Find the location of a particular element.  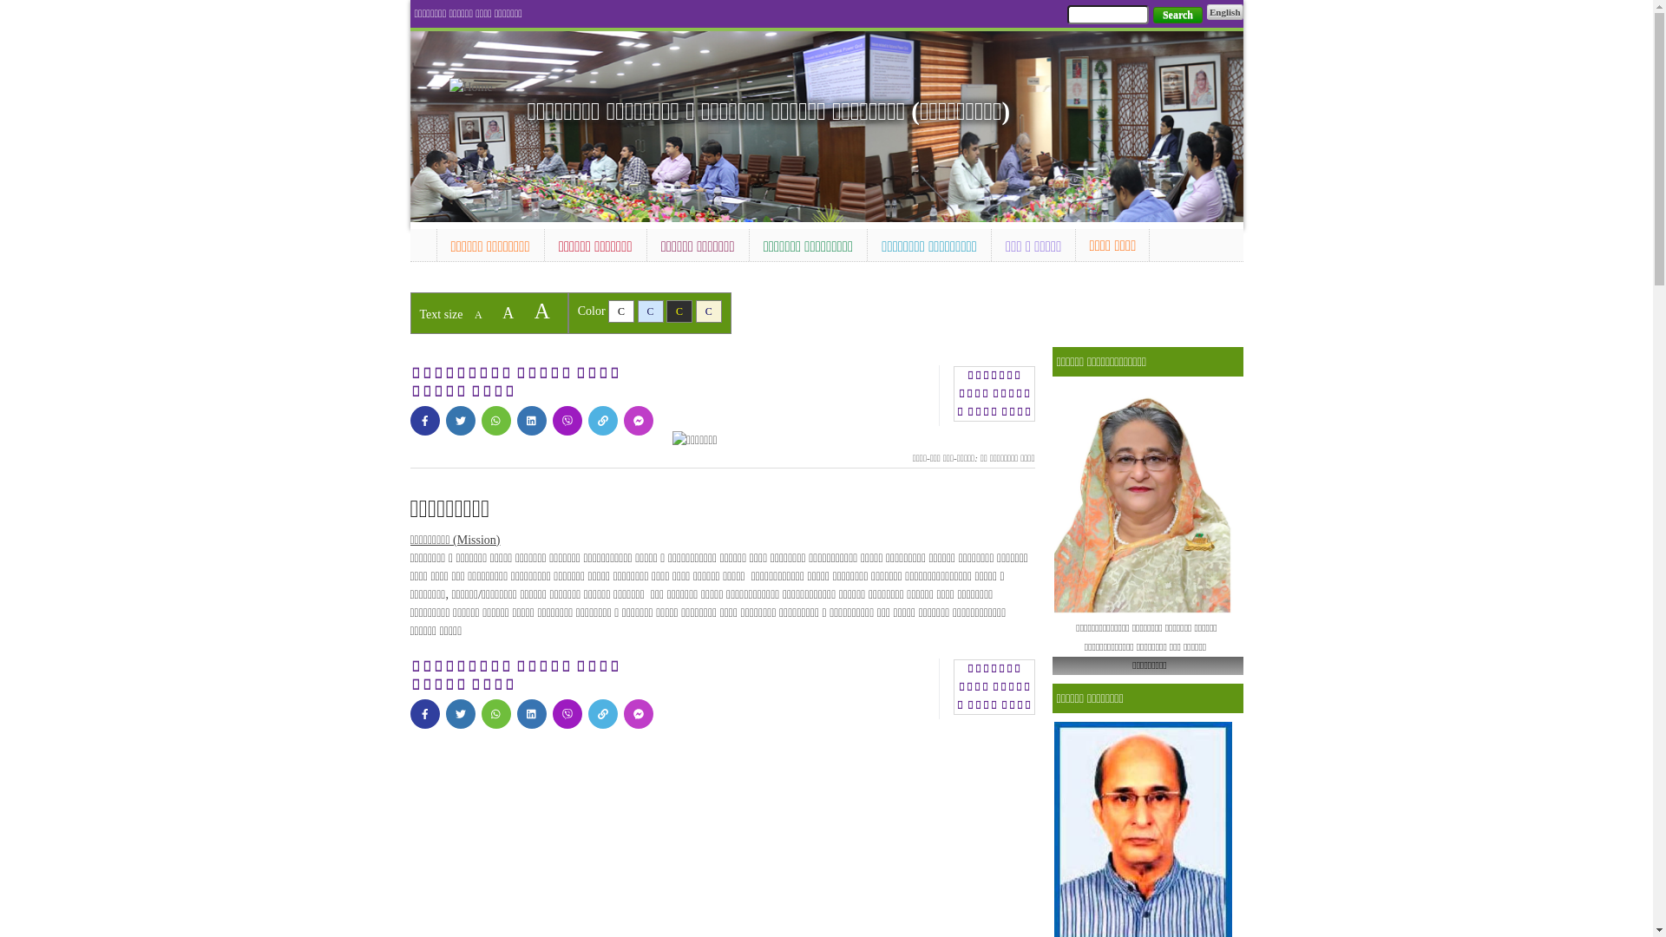

'A' is located at coordinates (524, 310).